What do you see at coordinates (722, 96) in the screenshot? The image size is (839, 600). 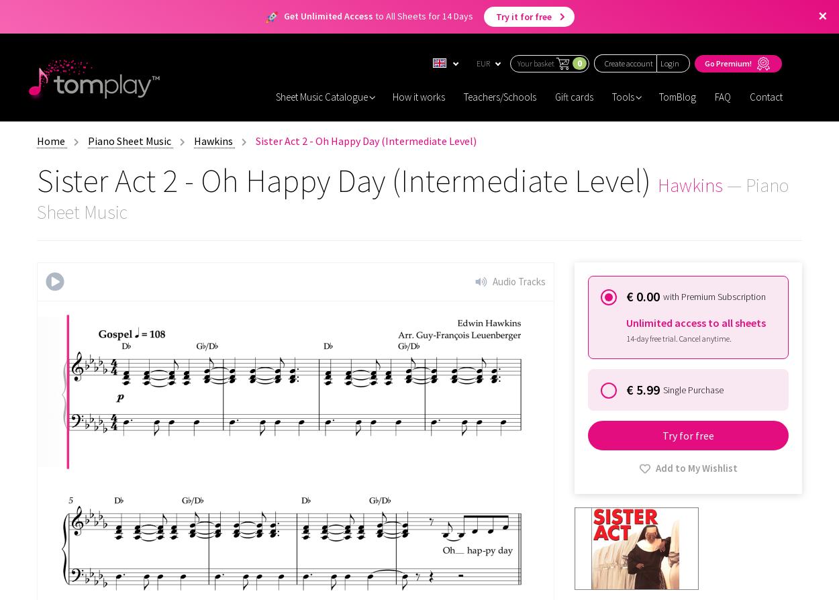 I see `'FAQ'` at bounding box center [722, 96].